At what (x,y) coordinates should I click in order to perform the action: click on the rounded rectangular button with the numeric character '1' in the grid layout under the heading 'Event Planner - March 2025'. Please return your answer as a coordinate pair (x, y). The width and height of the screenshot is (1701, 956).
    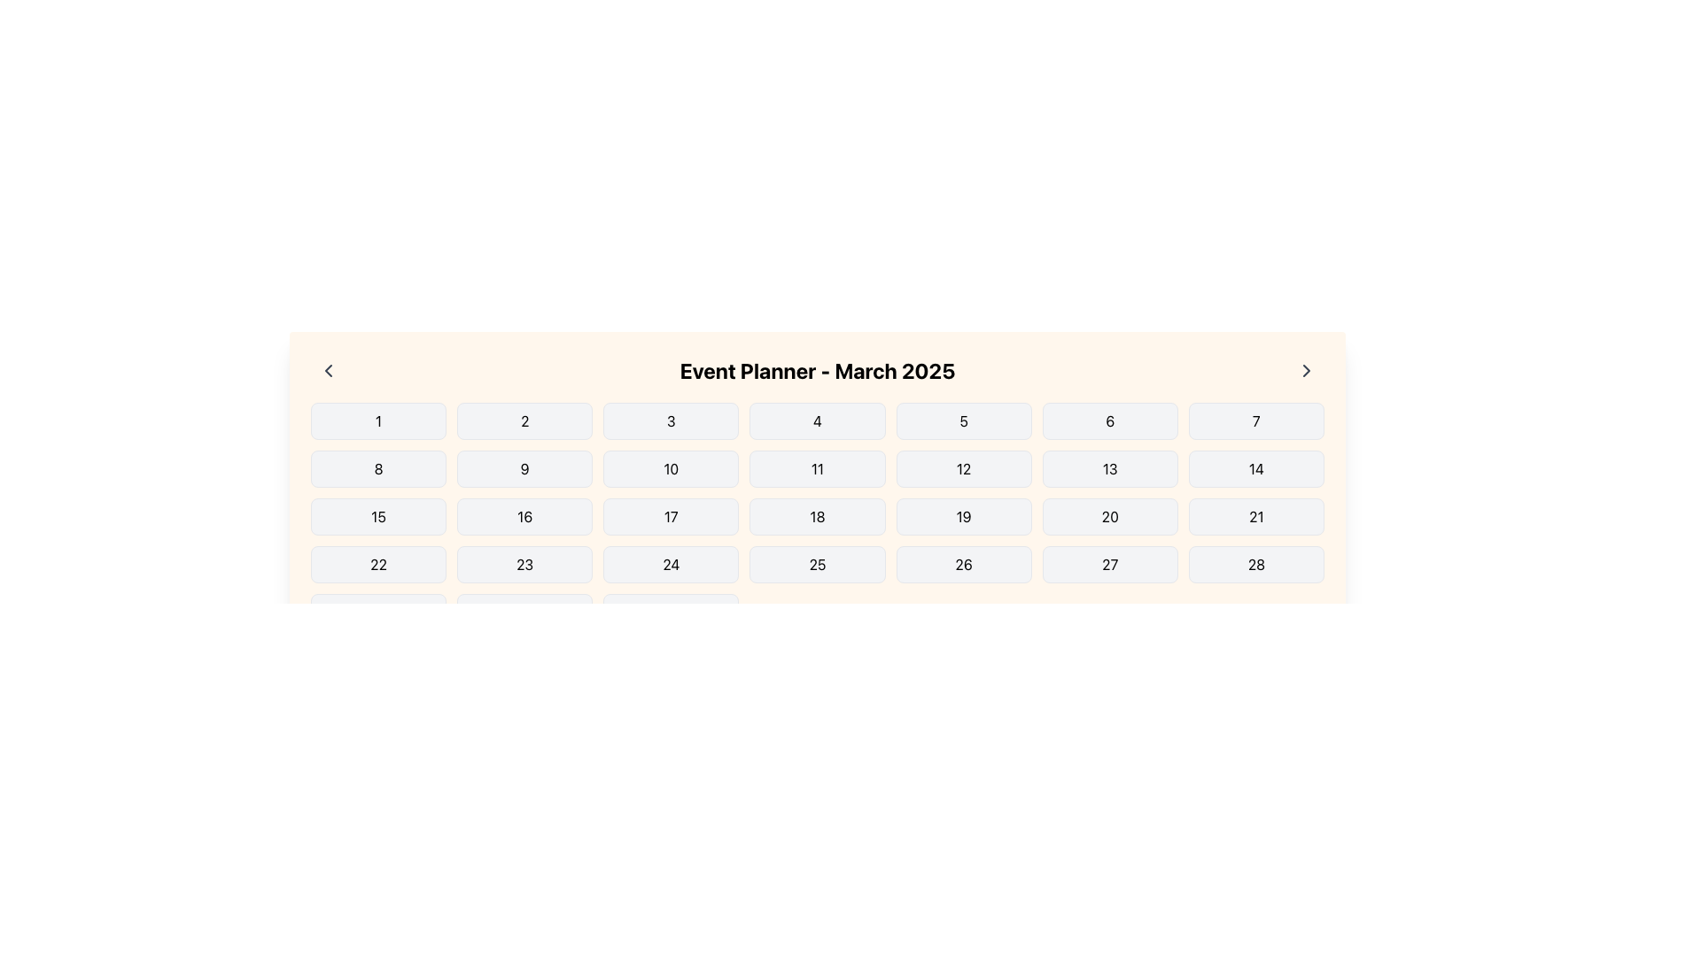
    Looking at the image, I should click on (377, 420).